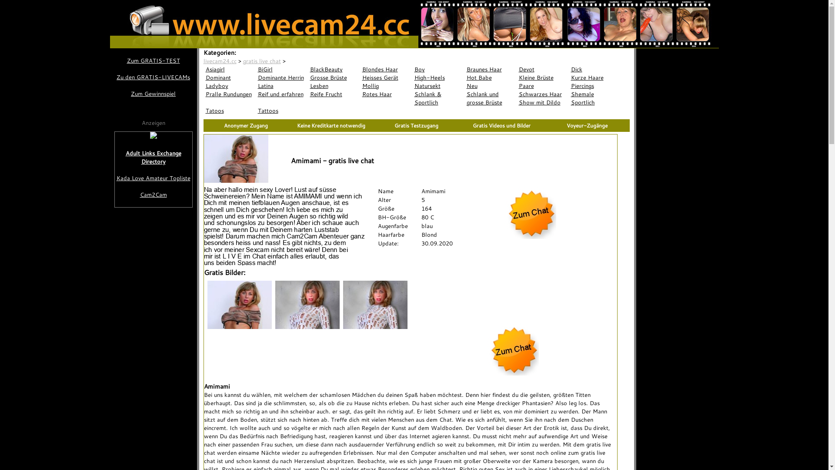 This screenshot has width=835, height=470. Describe the element at coordinates (491, 77) in the screenshot. I see `'Hot Babe'` at that location.